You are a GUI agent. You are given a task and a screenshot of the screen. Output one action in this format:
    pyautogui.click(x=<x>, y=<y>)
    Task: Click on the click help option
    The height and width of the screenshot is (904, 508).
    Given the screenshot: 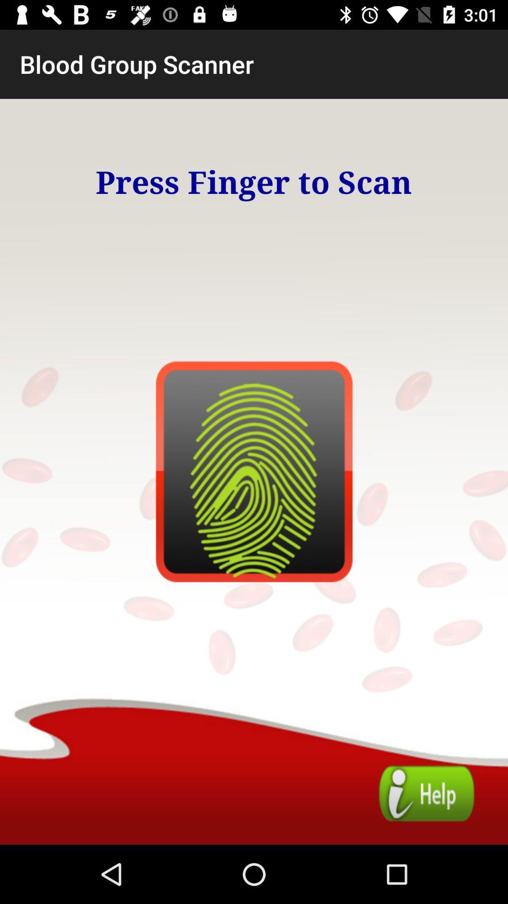 What is the action you would take?
    pyautogui.click(x=427, y=793)
    